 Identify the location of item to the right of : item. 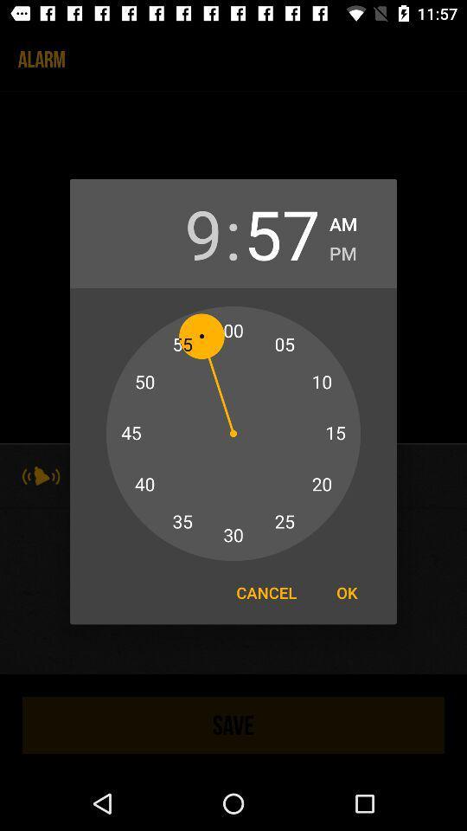
(282, 232).